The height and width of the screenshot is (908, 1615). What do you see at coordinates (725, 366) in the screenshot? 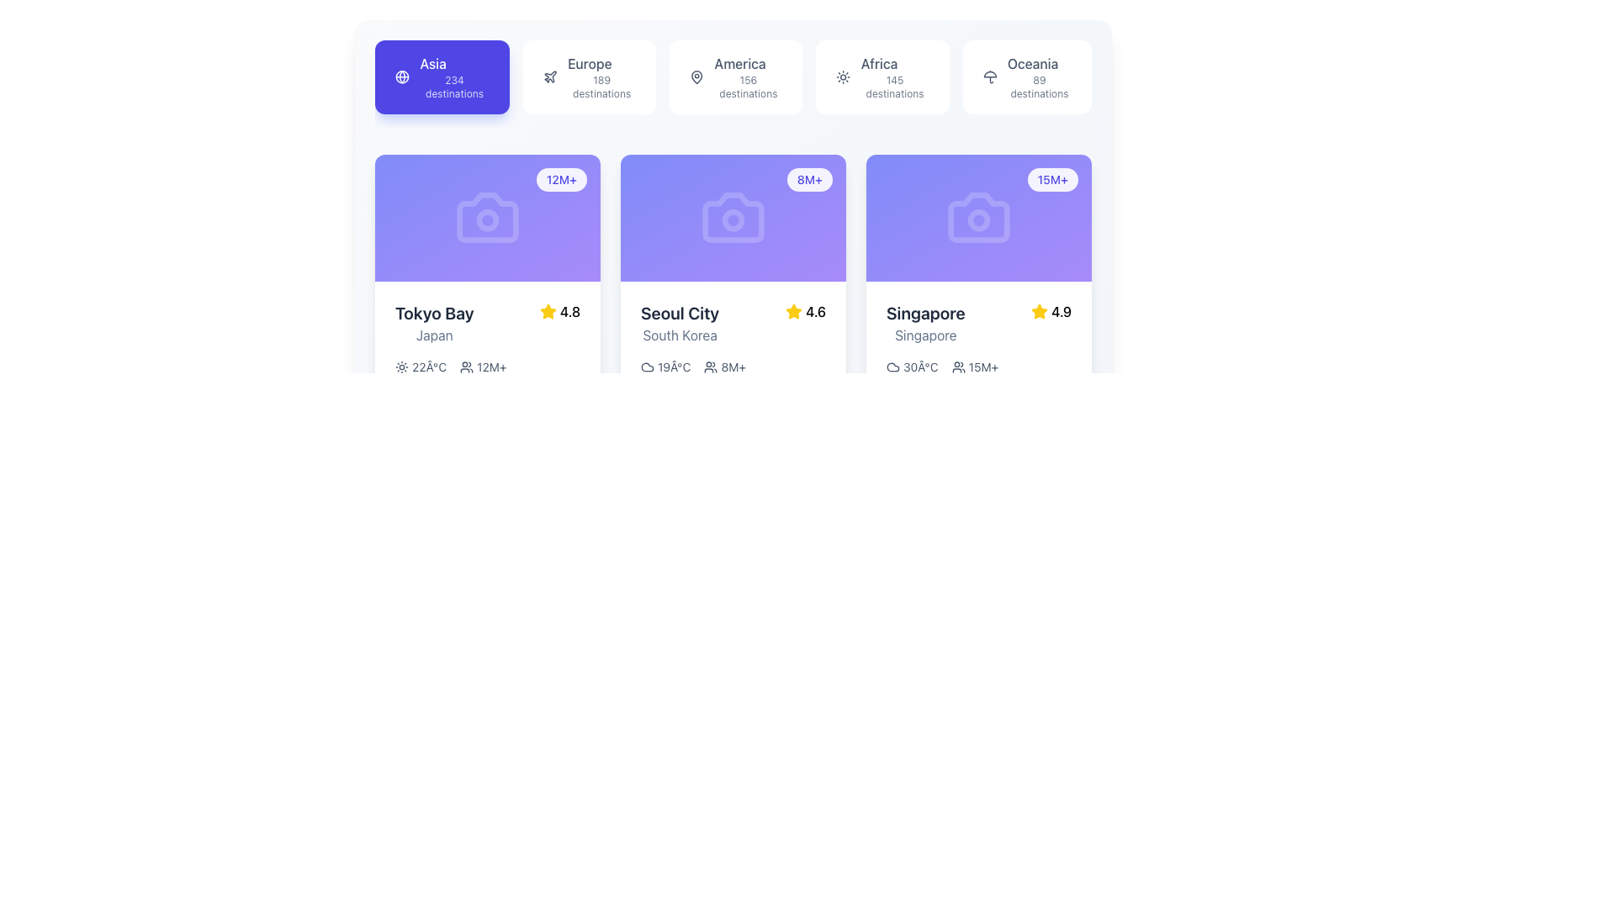
I see `the numerical representation of user engagement ('8M+') displayed on the 'Seoul City' card, located in the second column of the three-item horizontal grid layout, below the main title and next to the weather temperature indicator '19°C'` at bounding box center [725, 366].